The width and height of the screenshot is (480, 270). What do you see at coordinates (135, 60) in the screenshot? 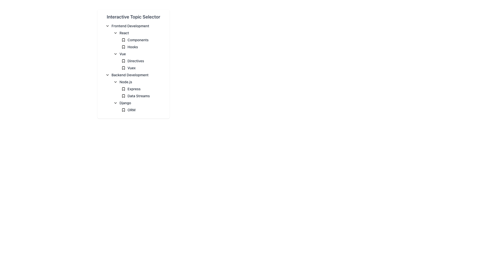
I see `the 'Directives' label, which is displayed in gray font and is located to the right of a small bookmark icon in the expandable tree menu under the 'Vue' section` at bounding box center [135, 60].